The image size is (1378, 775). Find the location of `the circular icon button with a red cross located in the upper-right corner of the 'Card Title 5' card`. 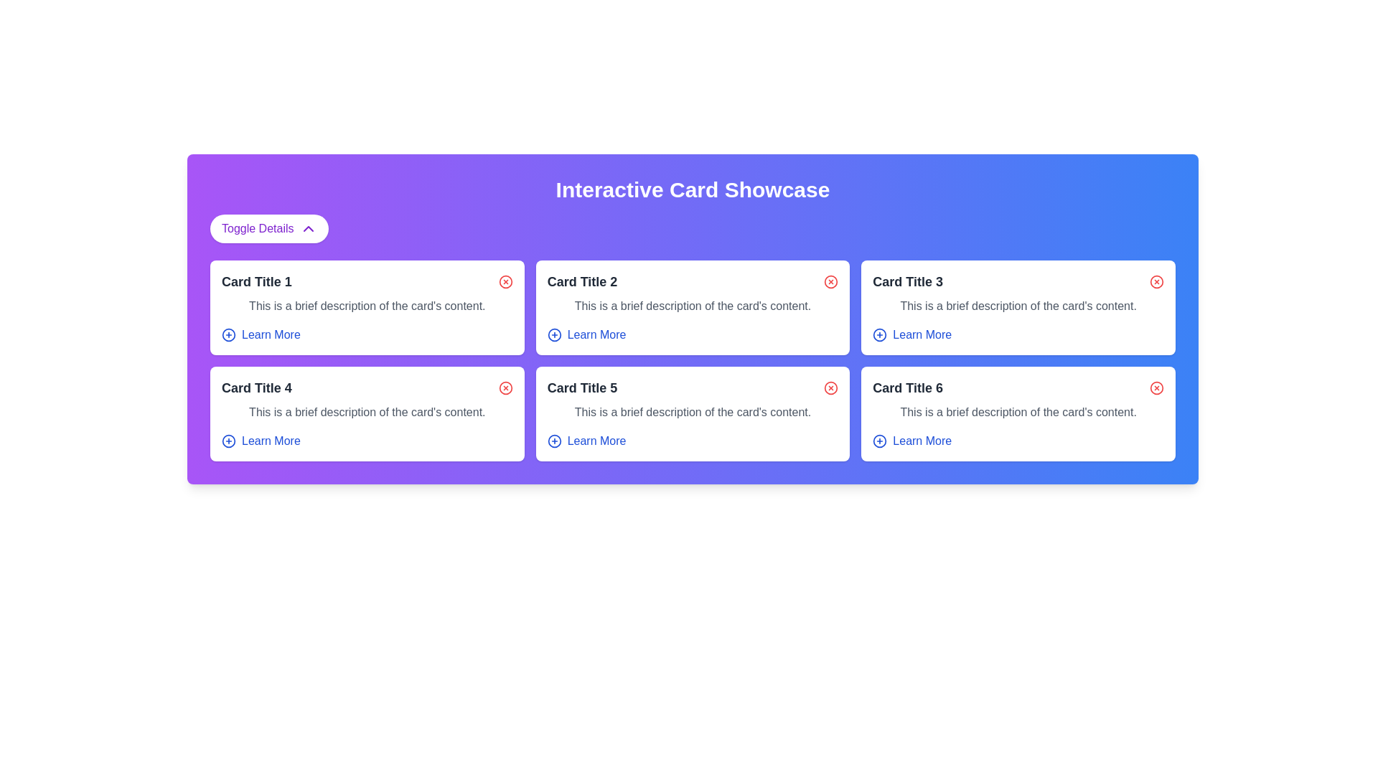

the circular icon button with a red cross located in the upper-right corner of the 'Card Title 5' card is located at coordinates (831, 387).